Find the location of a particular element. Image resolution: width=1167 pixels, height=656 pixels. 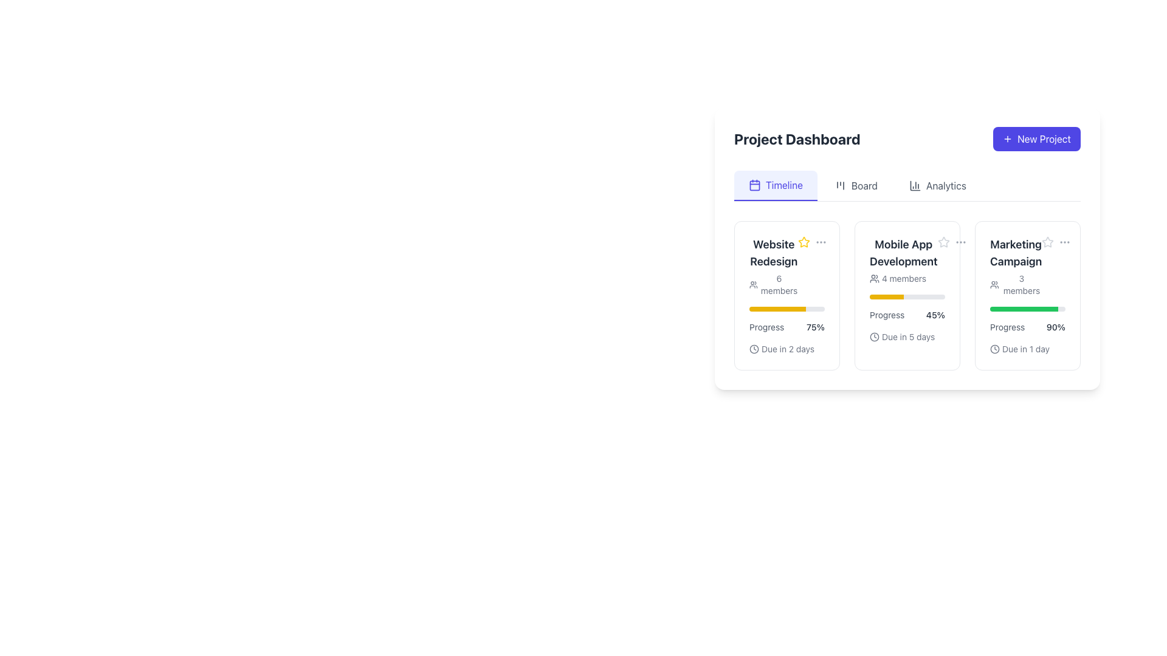

the user/member-related information icon located to the left of the '6 members' text in the 'Website Redesign' card is located at coordinates (752, 285).